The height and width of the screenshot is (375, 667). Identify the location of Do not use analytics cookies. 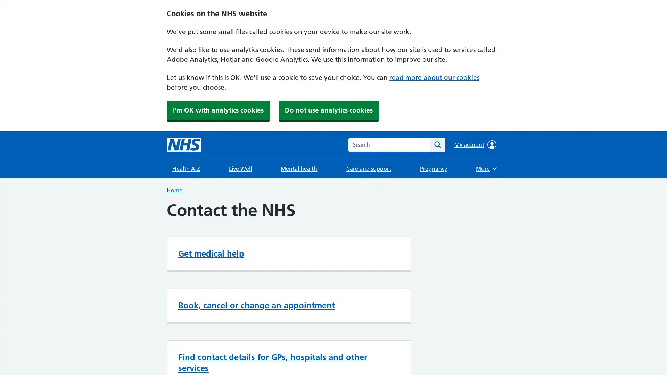
(328, 110).